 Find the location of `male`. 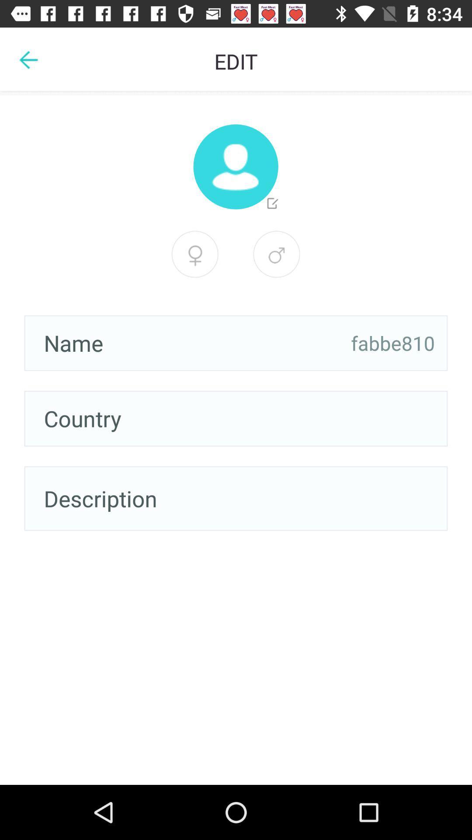

male is located at coordinates (276, 254).